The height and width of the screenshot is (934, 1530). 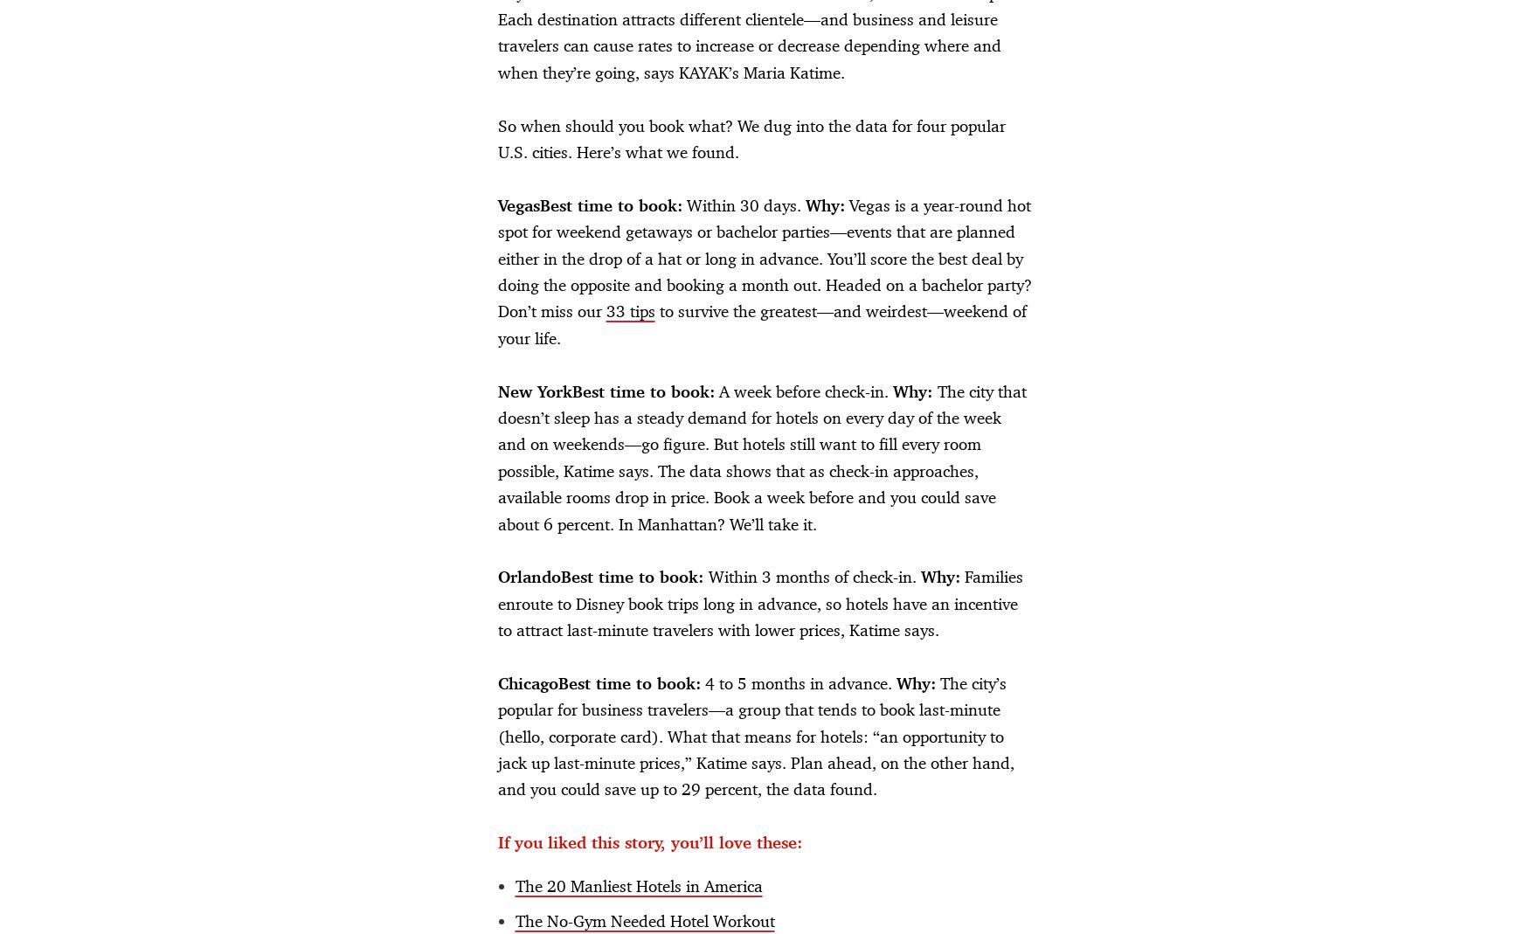 I want to click on 'Site Map', so click(x=1049, y=900).